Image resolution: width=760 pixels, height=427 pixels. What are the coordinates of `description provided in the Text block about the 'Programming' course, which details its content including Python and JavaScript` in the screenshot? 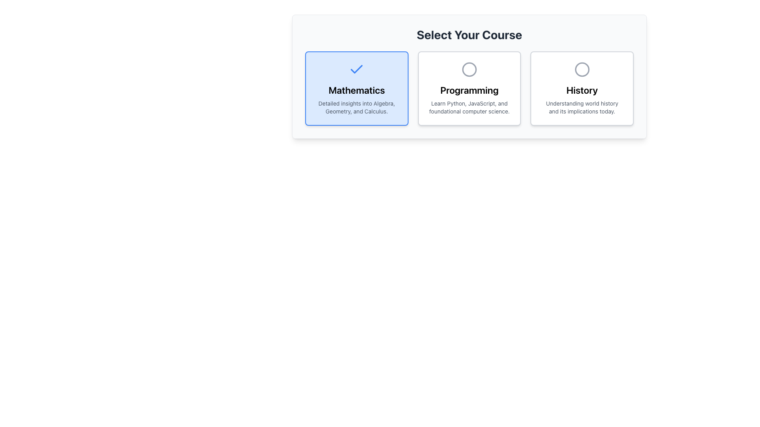 It's located at (469, 108).